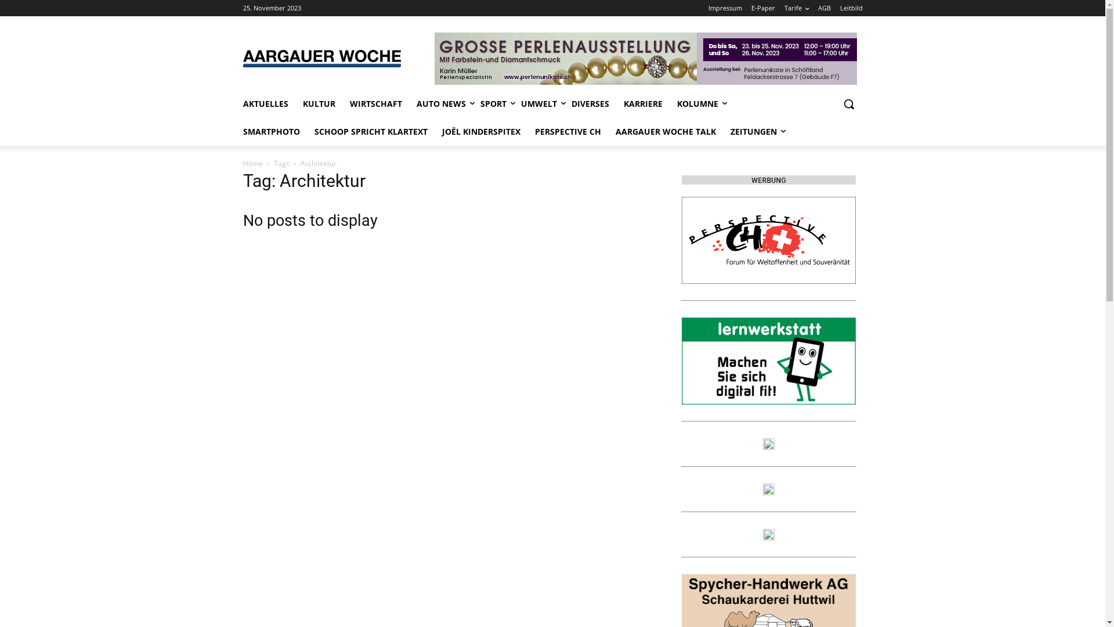  Describe the element at coordinates (642, 103) in the screenshot. I see `'KARRIERE'` at that location.